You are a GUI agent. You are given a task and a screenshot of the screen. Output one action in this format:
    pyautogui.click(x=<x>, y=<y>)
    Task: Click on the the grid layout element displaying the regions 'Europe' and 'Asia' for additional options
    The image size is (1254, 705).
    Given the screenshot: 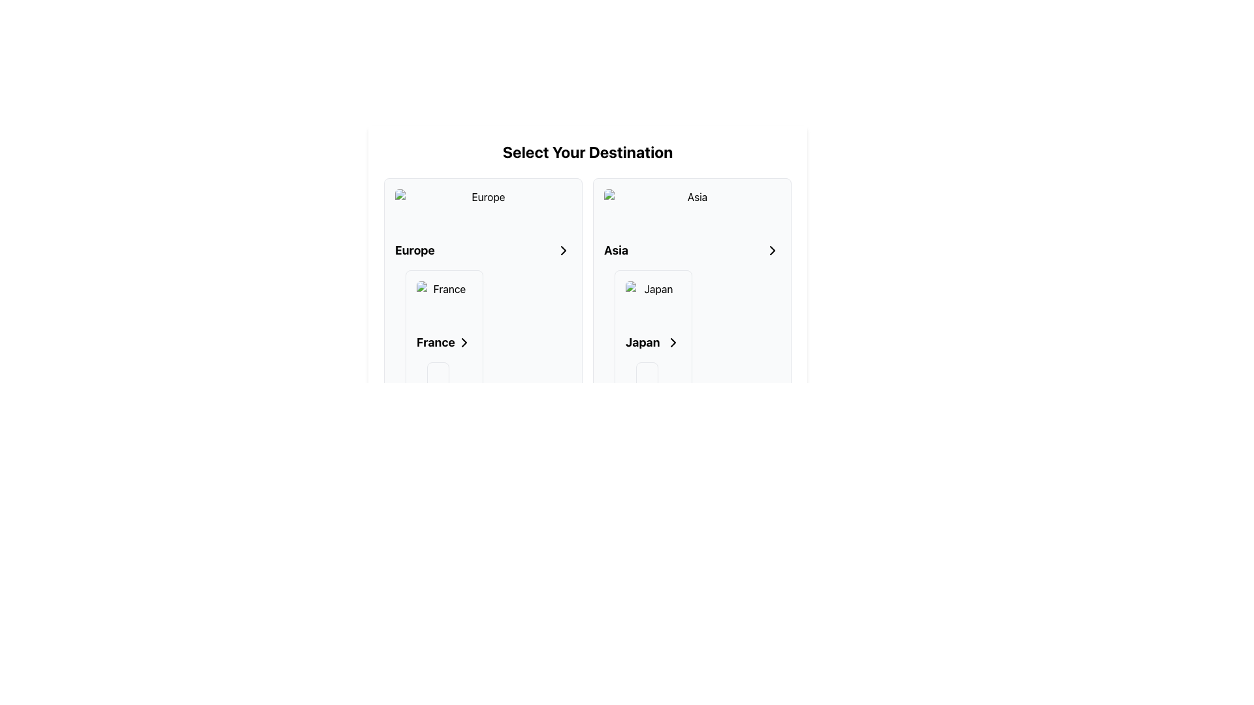 What is the action you would take?
    pyautogui.click(x=587, y=326)
    